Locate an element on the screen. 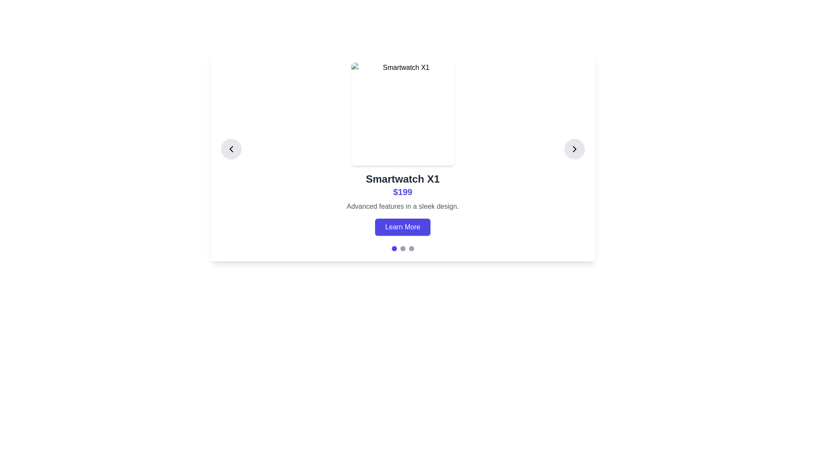 This screenshot has width=824, height=463. the left navigation button icon in the carousel is located at coordinates (231, 148).